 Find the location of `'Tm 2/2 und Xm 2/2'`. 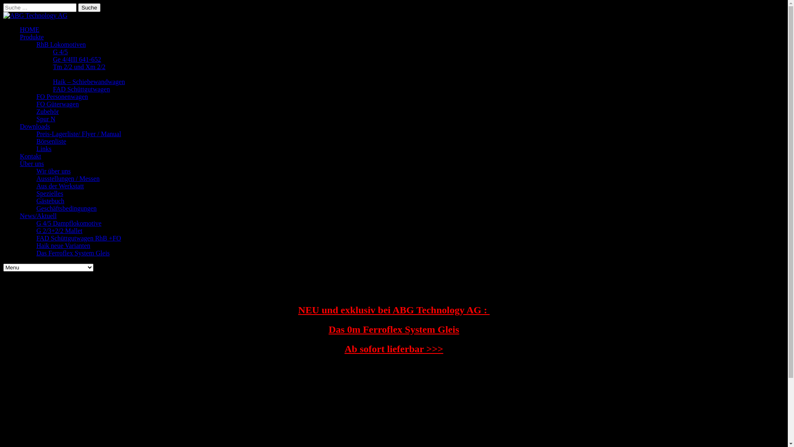

'Tm 2/2 und Xm 2/2' is located at coordinates (79, 66).